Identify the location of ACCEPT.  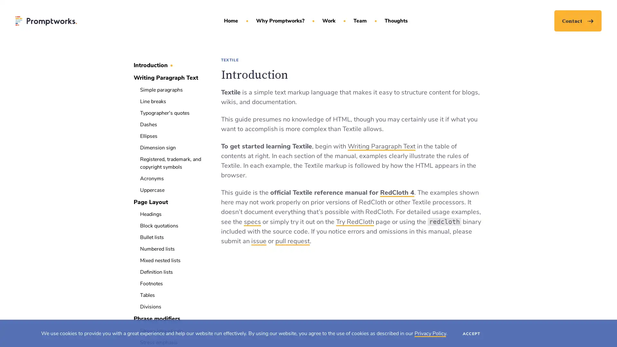
(471, 333).